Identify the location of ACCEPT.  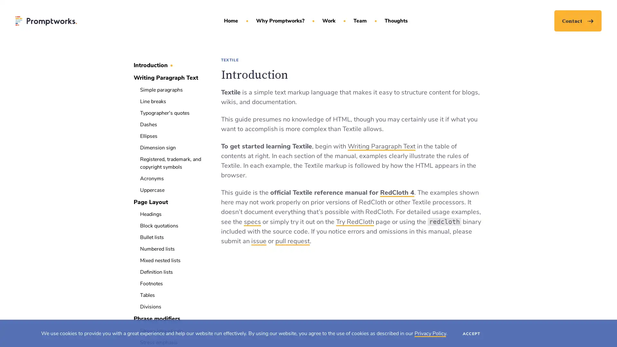
(471, 333).